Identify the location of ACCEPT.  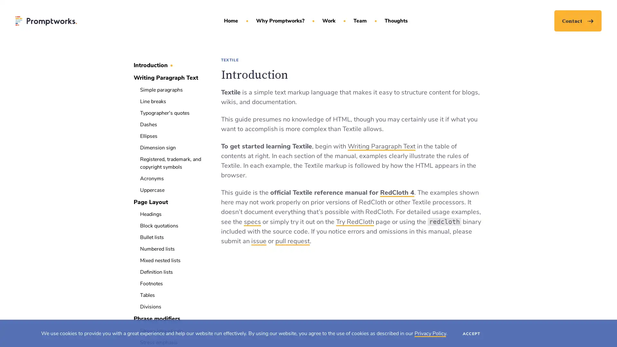
(471, 333).